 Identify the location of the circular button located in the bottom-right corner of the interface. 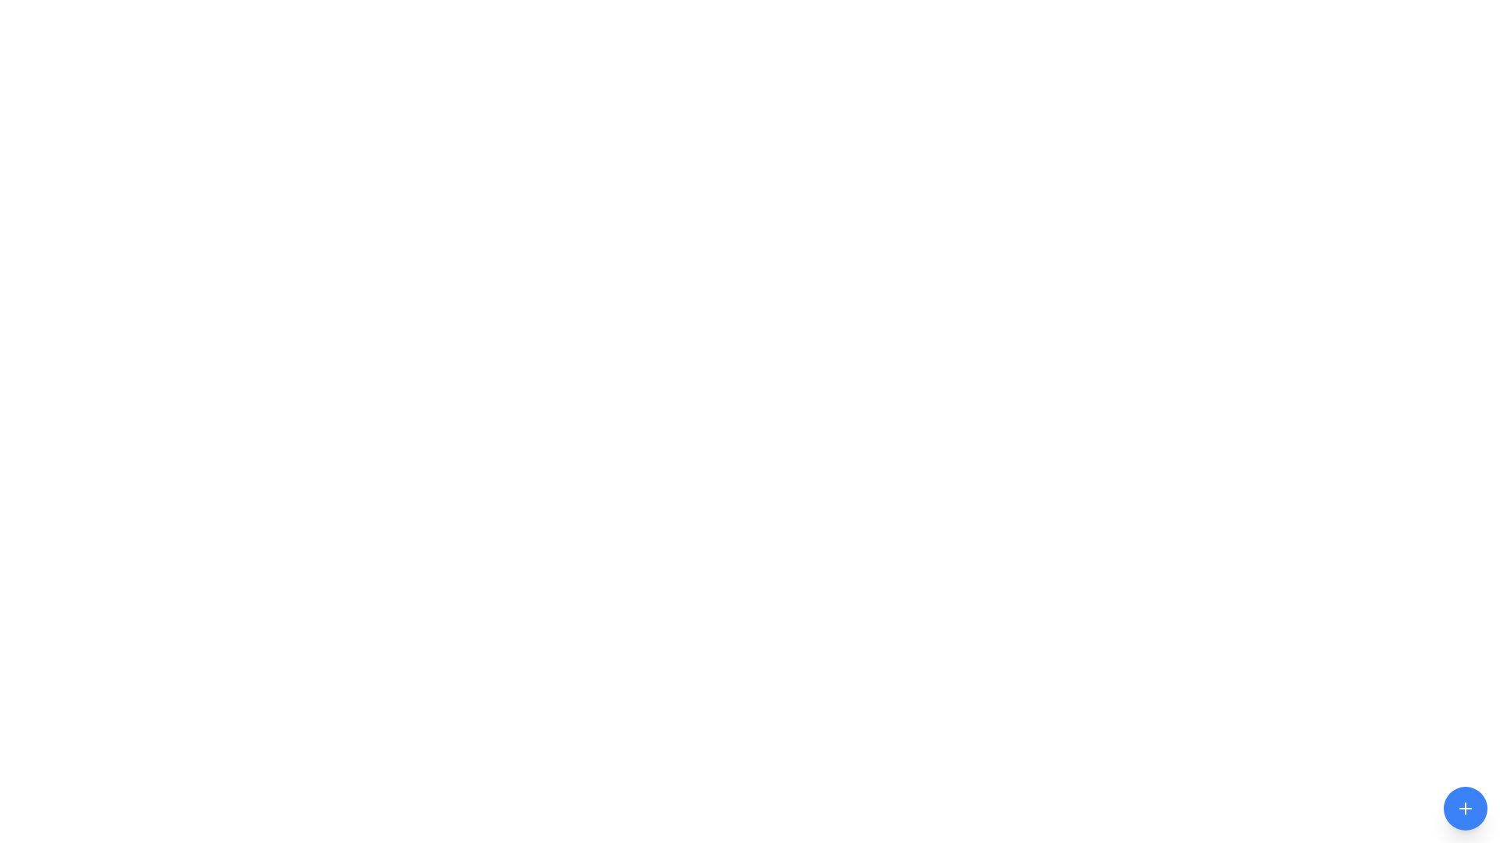
(1465, 808).